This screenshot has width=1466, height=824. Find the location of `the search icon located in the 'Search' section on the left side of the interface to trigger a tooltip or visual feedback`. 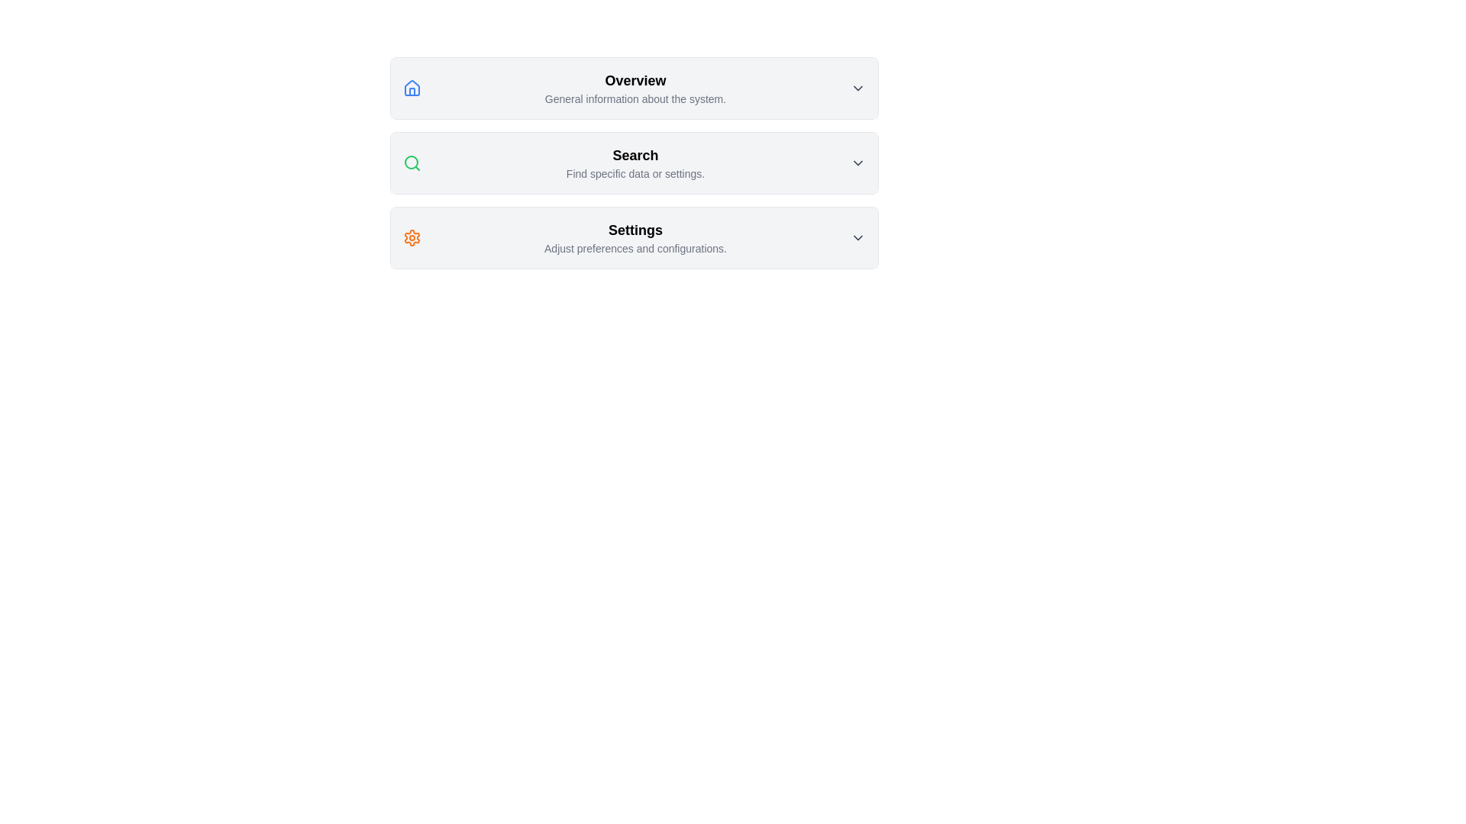

the search icon located in the 'Search' section on the left side of the interface to trigger a tooltip or visual feedback is located at coordinates (412, 163).